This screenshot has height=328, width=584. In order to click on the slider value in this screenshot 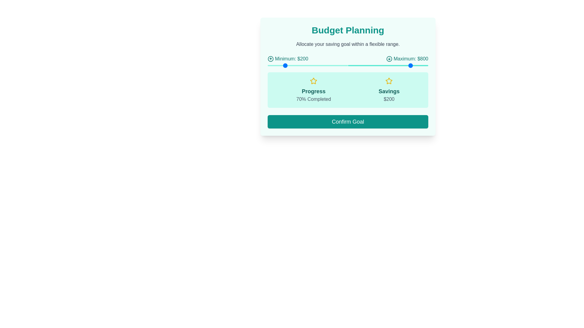, I will do `click(308, 66)`.